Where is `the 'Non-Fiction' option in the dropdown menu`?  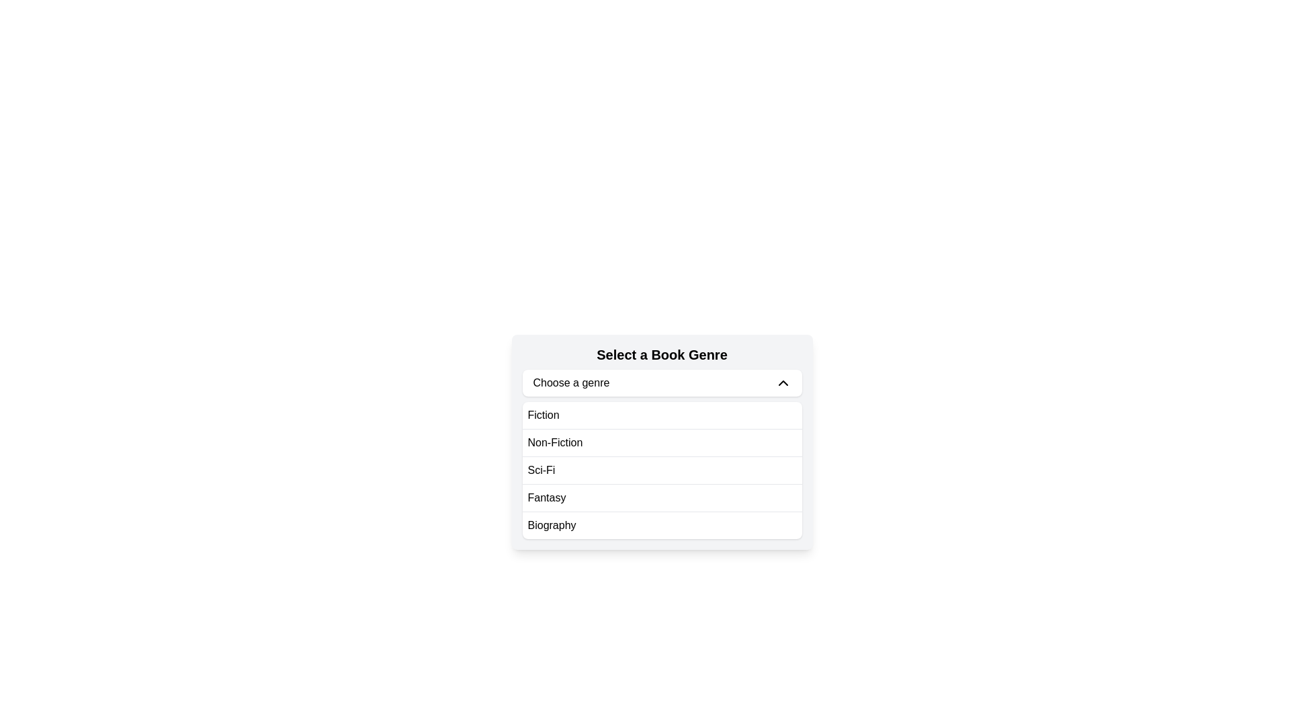
the 'Non-Fiction' option in the dropdown menu is located at coordinates (662, 442).